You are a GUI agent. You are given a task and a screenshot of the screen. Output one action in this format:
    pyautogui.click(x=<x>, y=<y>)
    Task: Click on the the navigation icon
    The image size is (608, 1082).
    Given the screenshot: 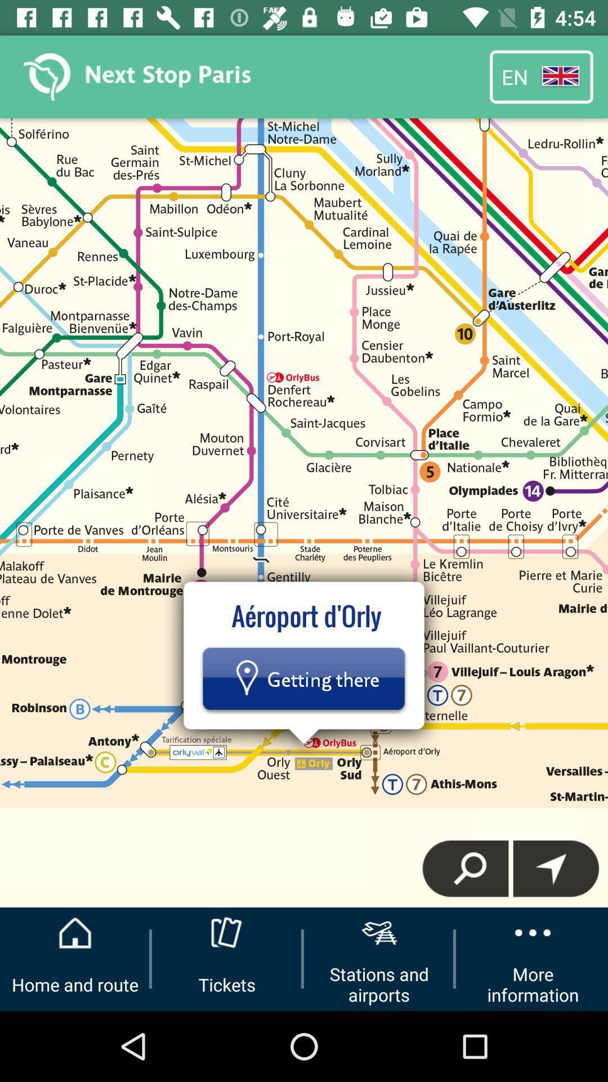 What is the action you would take?
    pyautogui.click(x=558, y=872)
    